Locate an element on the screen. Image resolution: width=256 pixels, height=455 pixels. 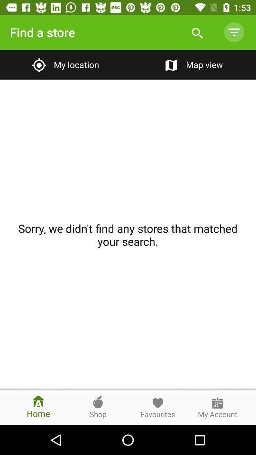
item below find a store is located at coordinates (64, 64).